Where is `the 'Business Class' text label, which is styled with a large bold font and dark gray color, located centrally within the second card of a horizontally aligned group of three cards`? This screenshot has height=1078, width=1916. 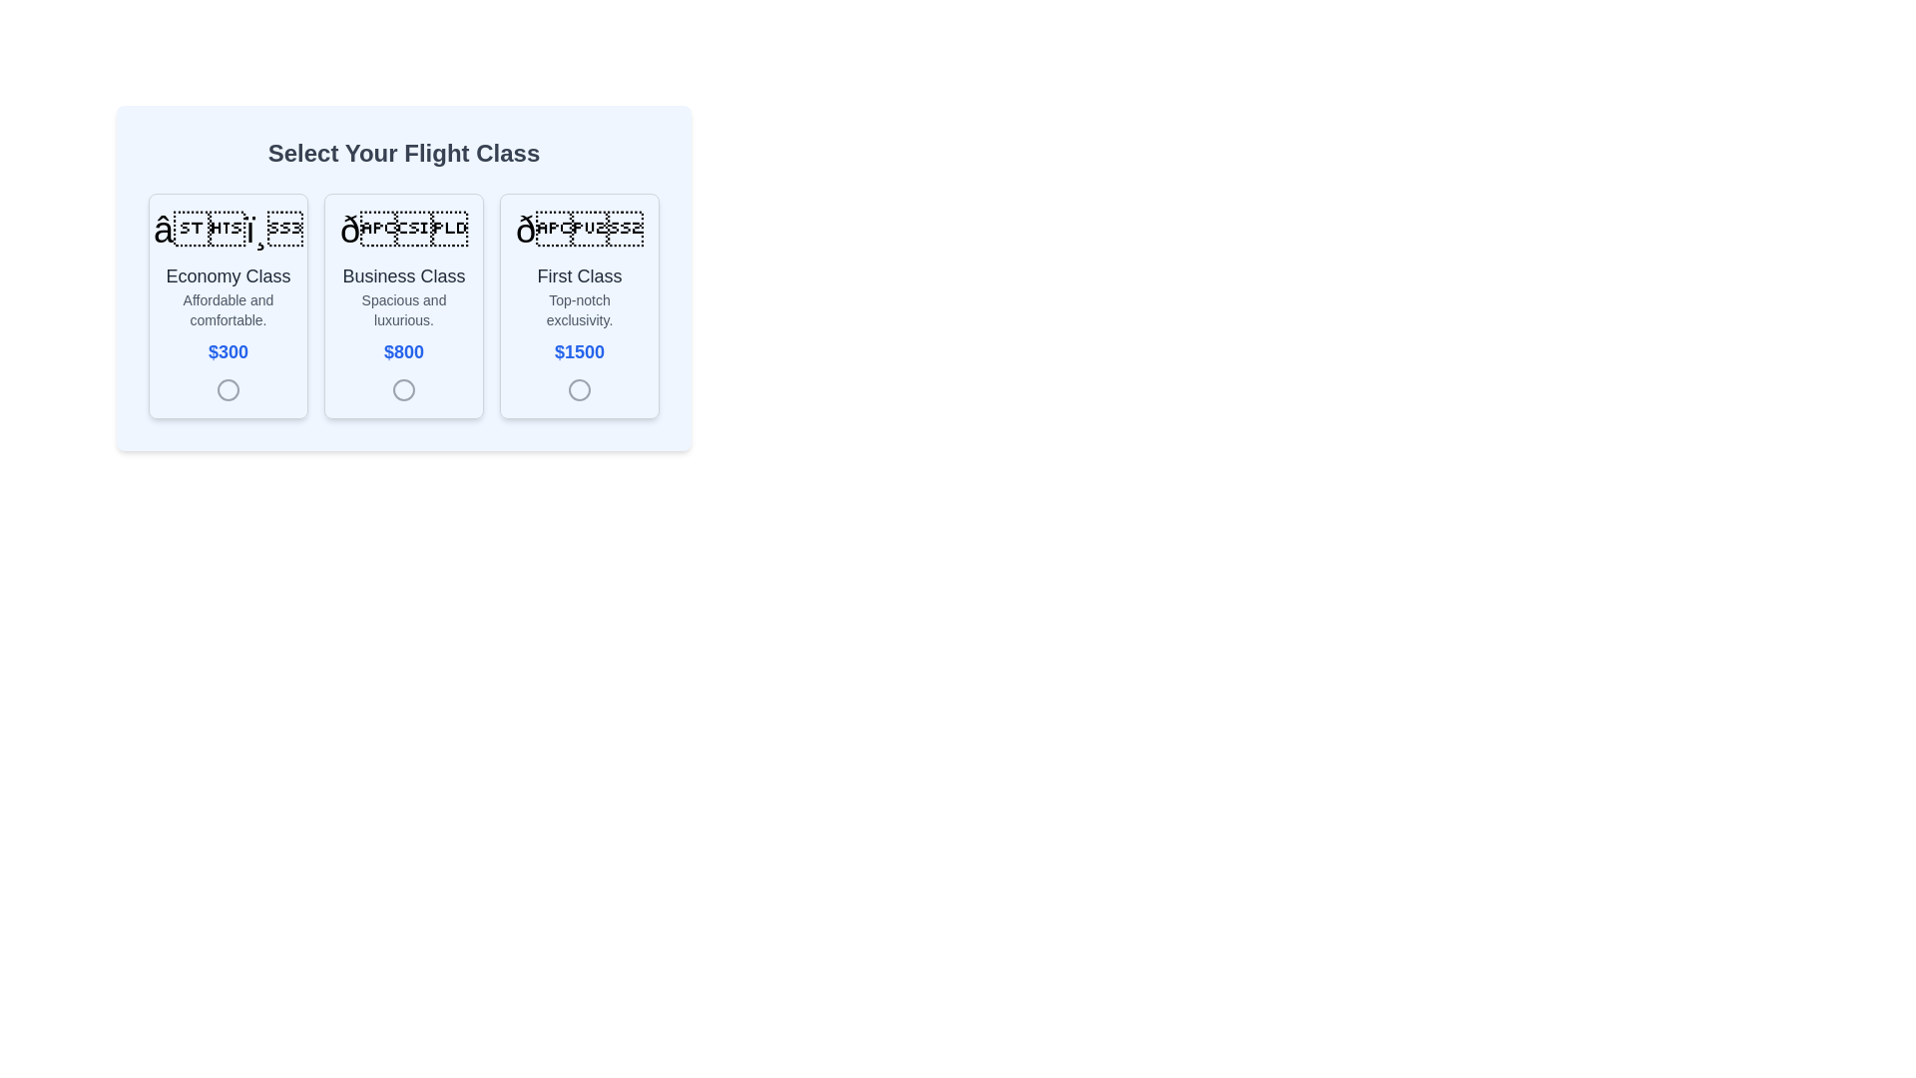
the 'Business Class' text label, which is styled with a large bold font and dark gray color, located centrally within the second card of a horizontally aligned group of three cards is located at coordinates (402, 276).